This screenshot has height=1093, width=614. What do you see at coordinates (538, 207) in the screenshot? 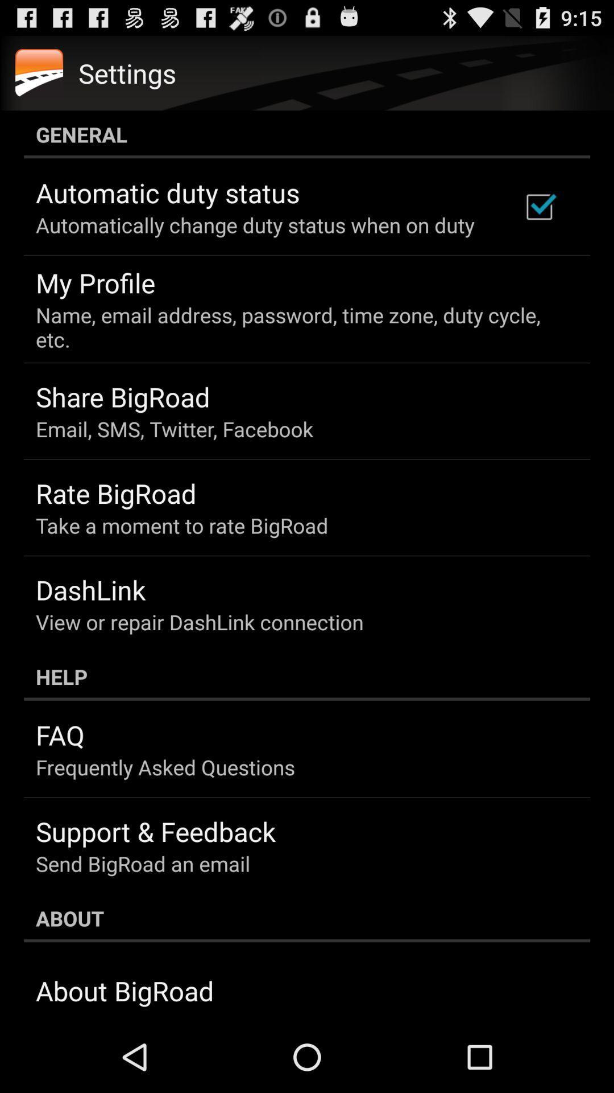
I see `icon to the right of the automatically change duty app` at bounding box center [538, 207].